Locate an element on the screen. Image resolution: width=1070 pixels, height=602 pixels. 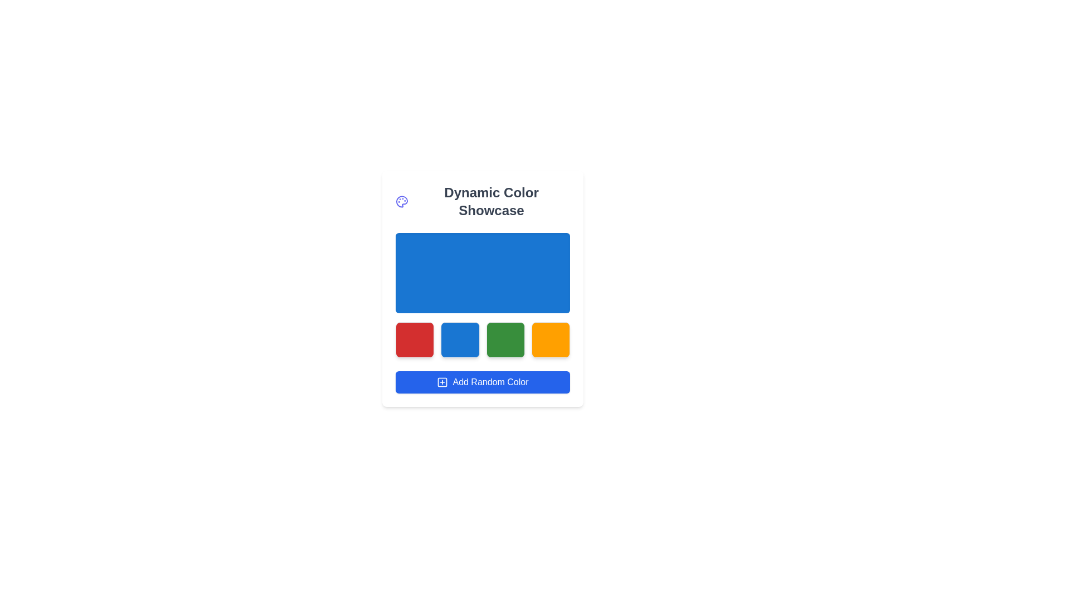
the painter's palette icon located to the left of the 'Dynamic Color Showcase' text by hovering over it is located at coordinates (401, 202).